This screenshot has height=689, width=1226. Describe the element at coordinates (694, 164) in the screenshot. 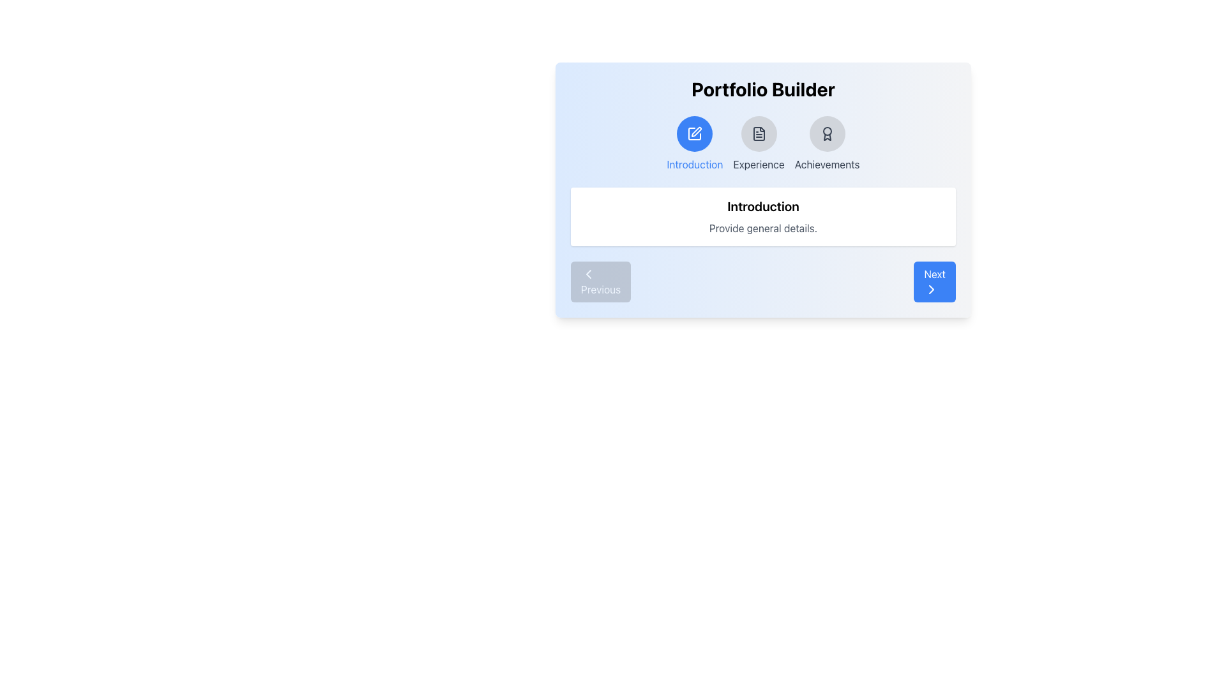

I see `the 'Introduction' text label located at the center of the Portfolio Builder interface, below the pen icon and aligned with 'Experience' and 'Achievements'` at that location.